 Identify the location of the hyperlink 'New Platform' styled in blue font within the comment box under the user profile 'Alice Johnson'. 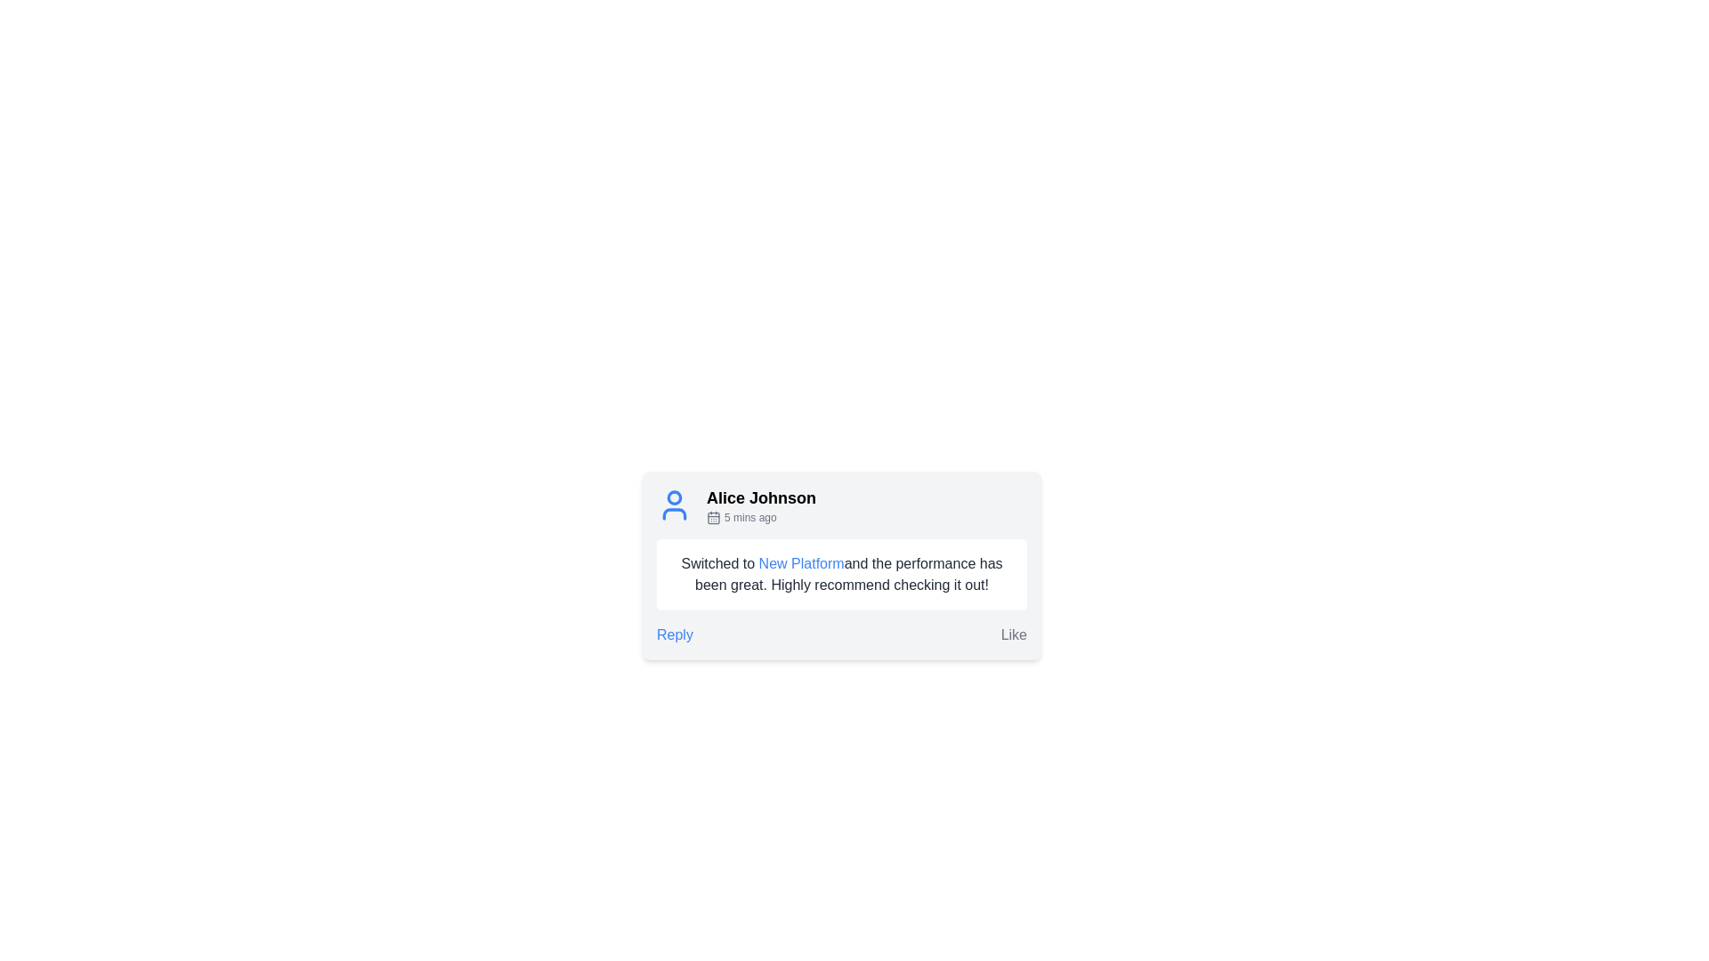
(800, 563).